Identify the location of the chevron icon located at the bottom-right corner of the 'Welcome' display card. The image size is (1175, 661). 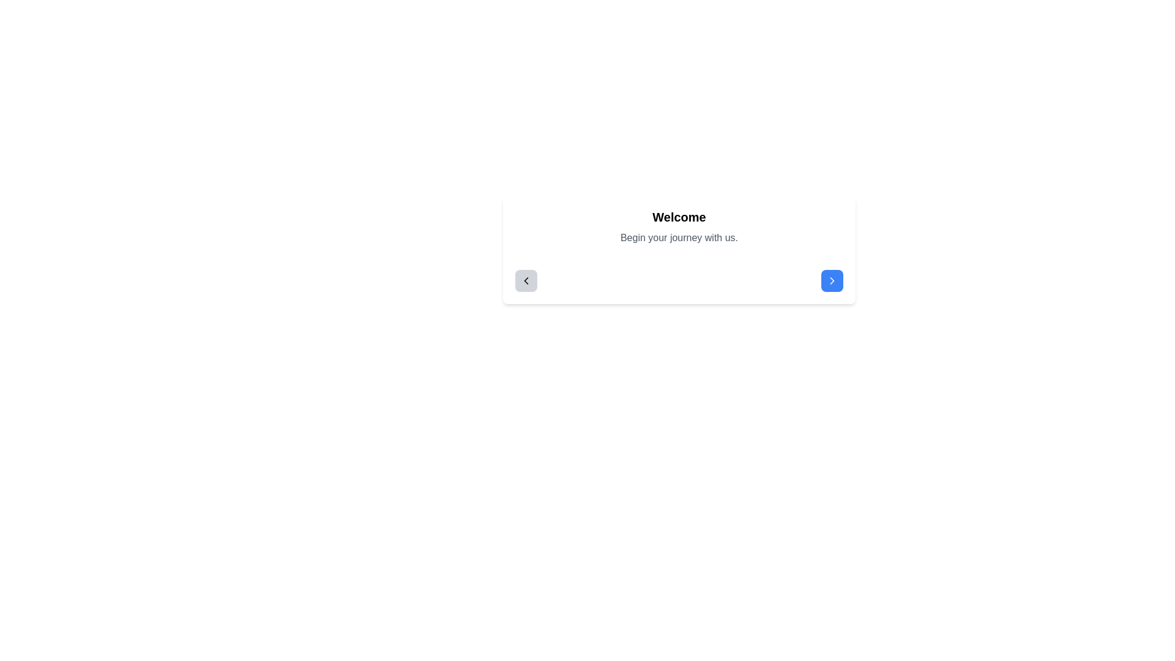
(832, 281).